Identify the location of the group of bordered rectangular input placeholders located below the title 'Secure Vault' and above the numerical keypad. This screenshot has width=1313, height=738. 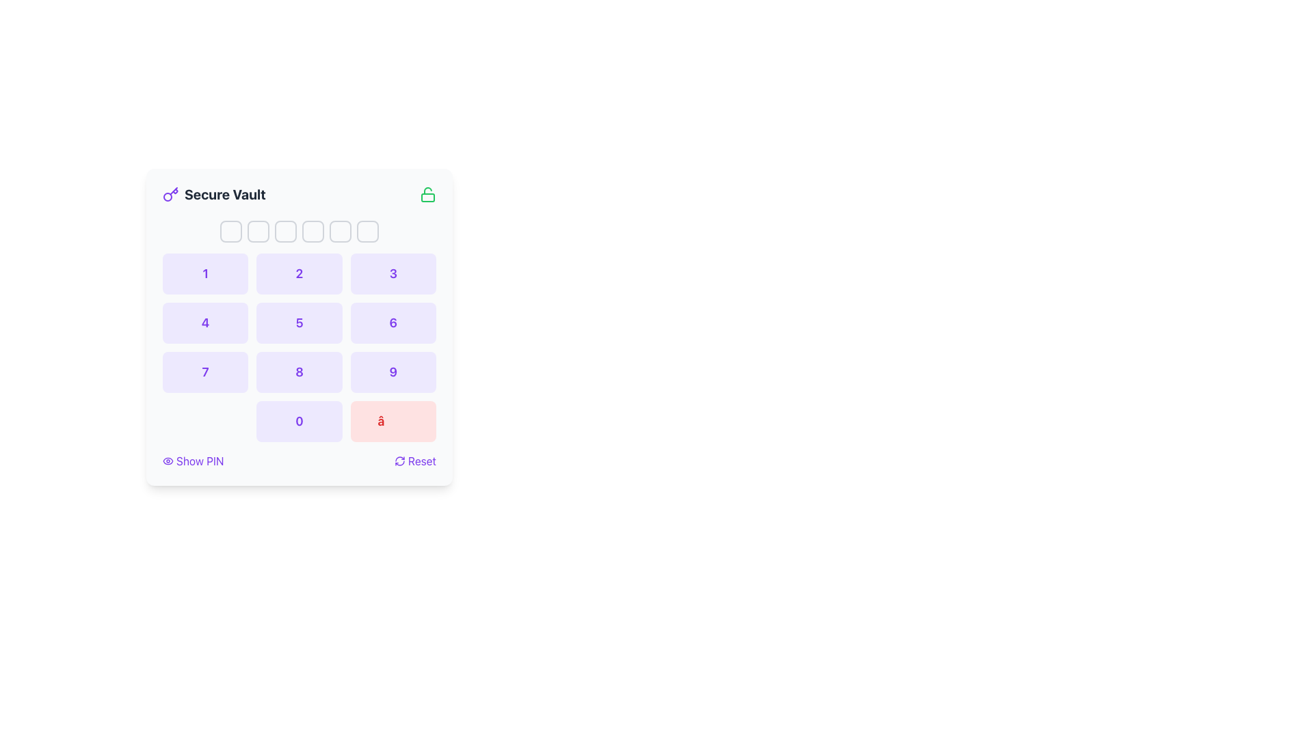
(298, 231).